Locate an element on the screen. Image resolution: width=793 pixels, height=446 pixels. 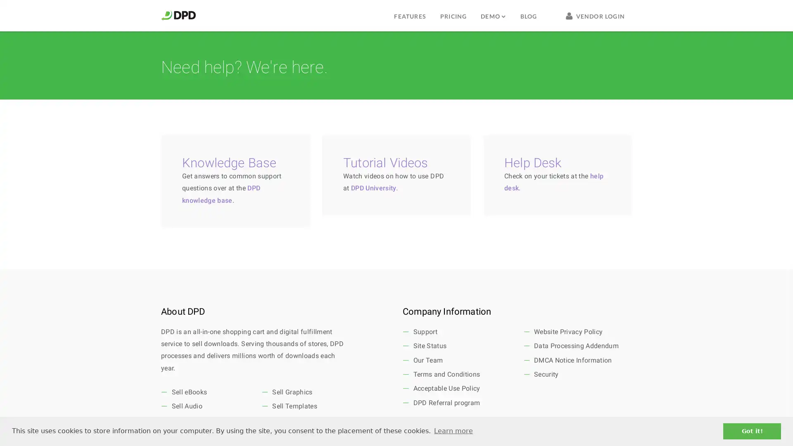
learn more about cookies is located at coordinates (453, 431).